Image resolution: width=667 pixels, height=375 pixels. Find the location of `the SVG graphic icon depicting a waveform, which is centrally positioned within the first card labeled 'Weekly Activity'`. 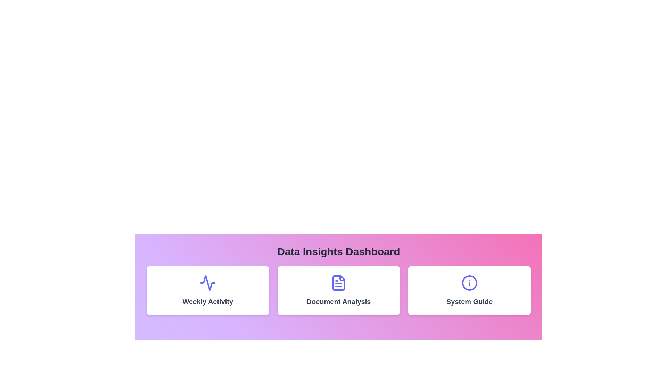

the SVG graphic icon depicting a waveform, which is centrally positioned within the first card labeled 'Weekly Activity' is located at coordinates (207, 283).